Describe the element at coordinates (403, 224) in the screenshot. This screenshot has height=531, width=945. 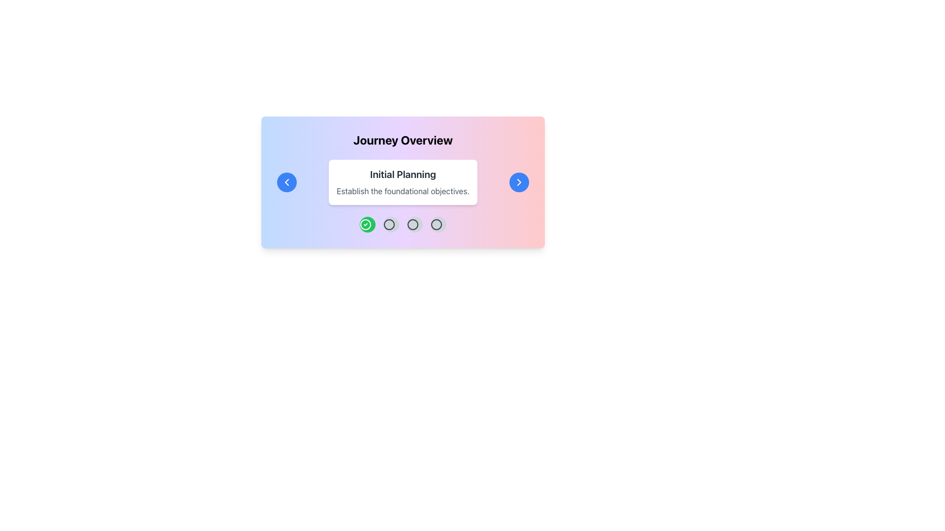
I see `the green circle of the Progress indicator located at the bottom of the 'Journey Overview' card` at that location.